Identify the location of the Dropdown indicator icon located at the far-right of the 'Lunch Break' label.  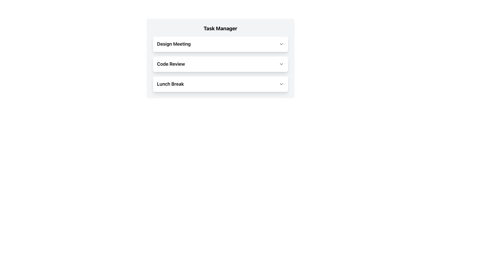
(281, 84).